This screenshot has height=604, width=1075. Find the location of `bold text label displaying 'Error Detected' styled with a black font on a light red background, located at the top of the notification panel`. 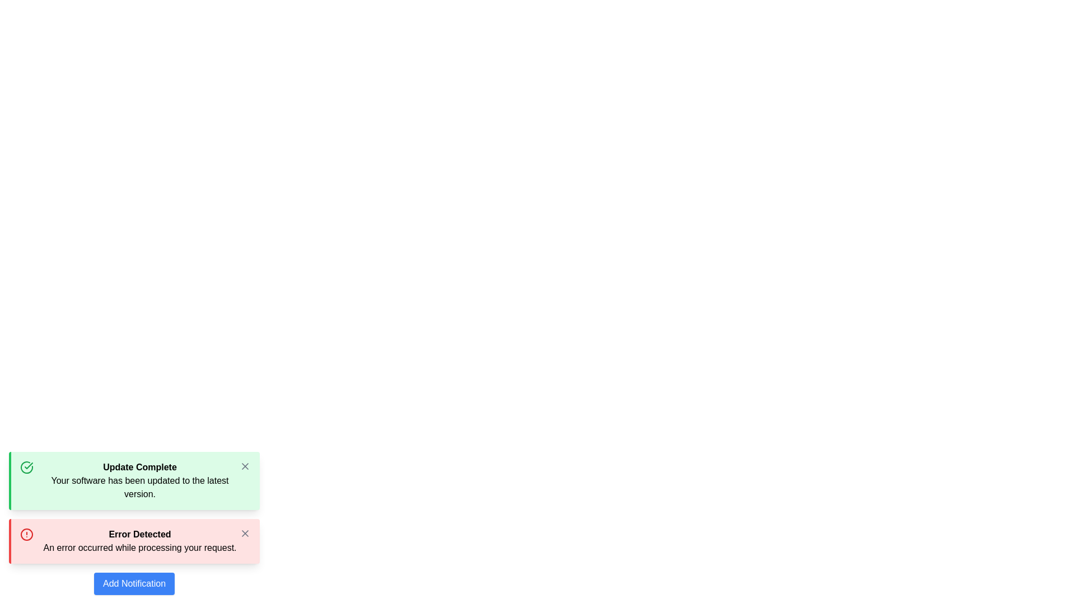

bold text label displaying 'Error Detected' styled with a black font on a light red background, located at the top of the notification panel is located at coordinates (139, 534).